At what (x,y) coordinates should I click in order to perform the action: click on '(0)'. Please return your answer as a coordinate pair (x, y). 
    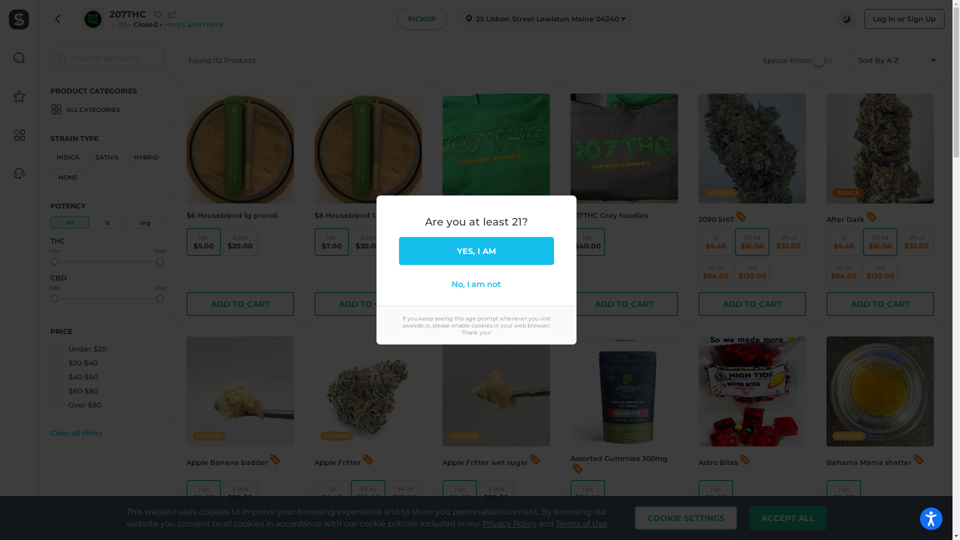
    Looking at the image, I should click on (121, 24).